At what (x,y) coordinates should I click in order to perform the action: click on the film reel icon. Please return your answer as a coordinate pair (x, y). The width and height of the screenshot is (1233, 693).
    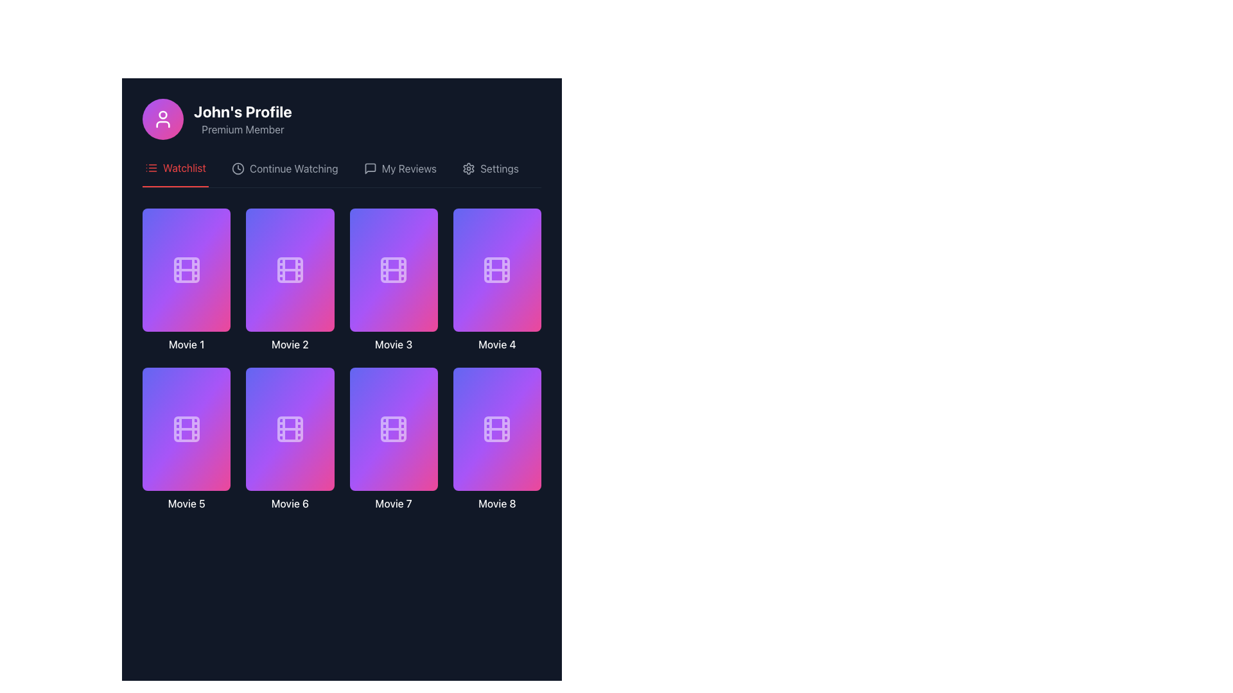
    Looking at the image, I should click on (496, 269).